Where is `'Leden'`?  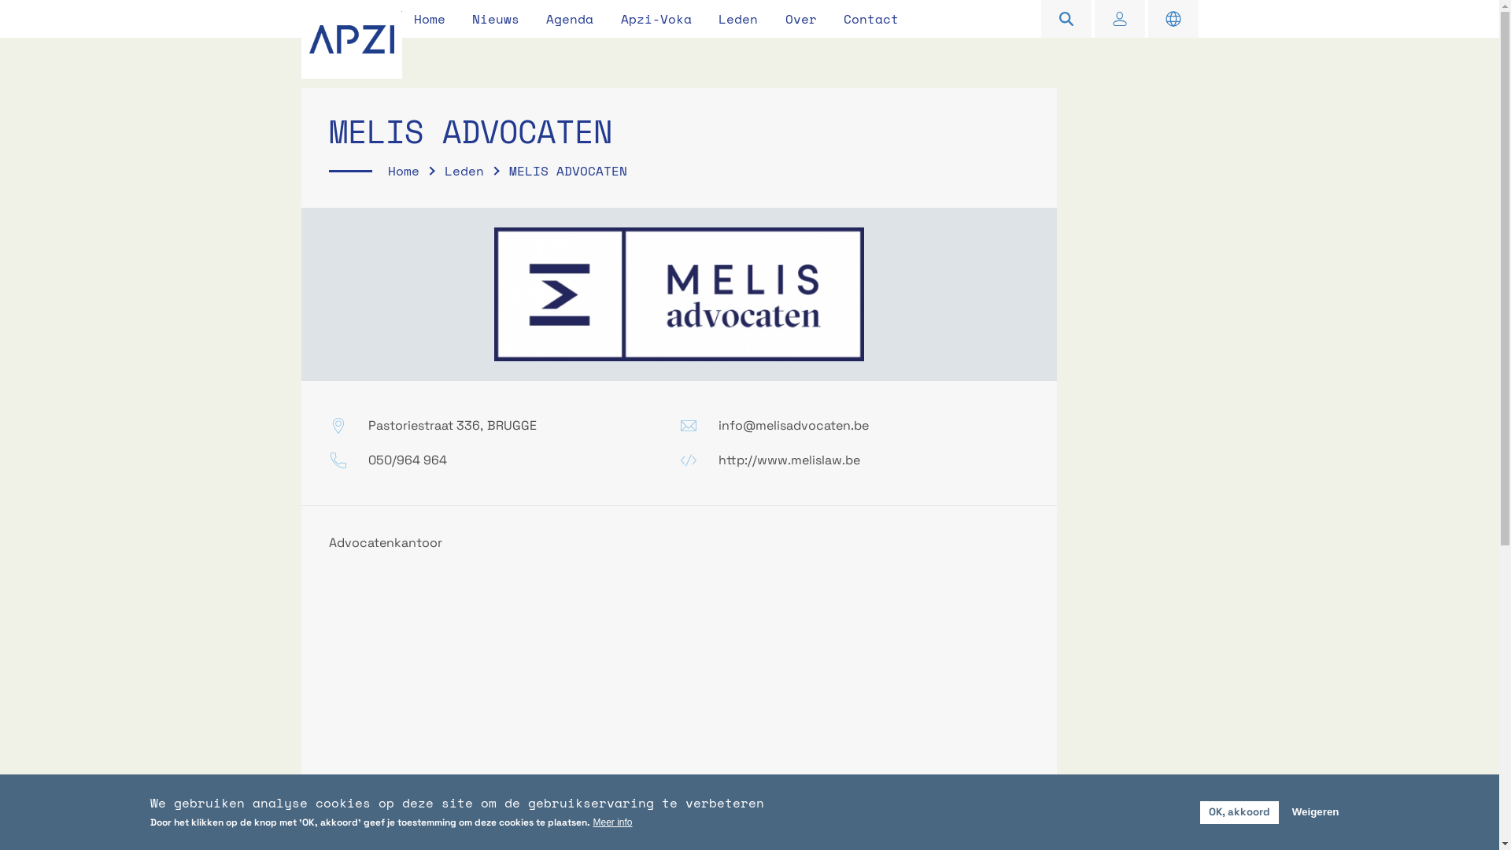
'Leden' is located at coordinates (705, 18).